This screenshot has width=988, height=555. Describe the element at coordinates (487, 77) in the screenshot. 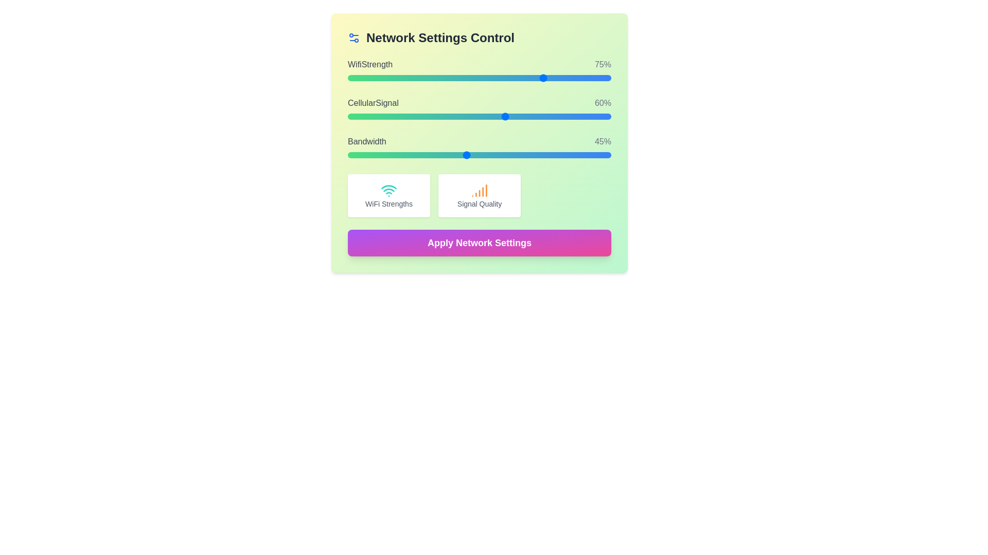

I see `the WiFi strength` at that location.